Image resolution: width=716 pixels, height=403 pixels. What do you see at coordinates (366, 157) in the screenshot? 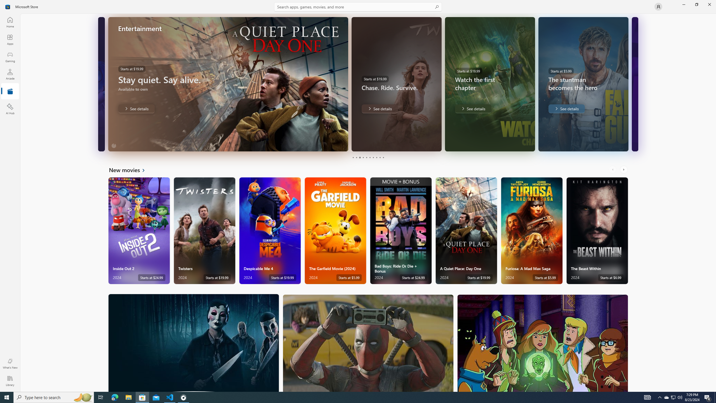
I see `'Page 5'` at bounding box center [366, 157].